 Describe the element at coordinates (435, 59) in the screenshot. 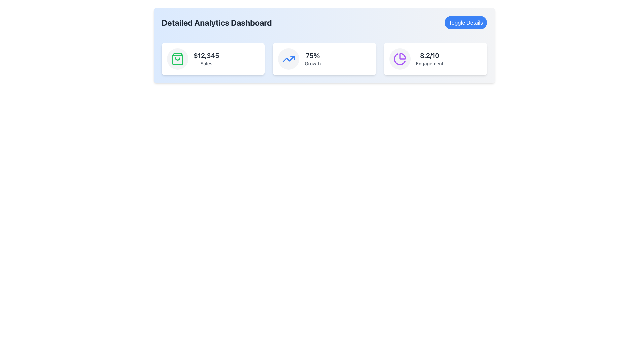

I see `the engagement rate information displayed on the Card component located in the third column of the grid, which contains numeric data and a descriptive label` at that location.